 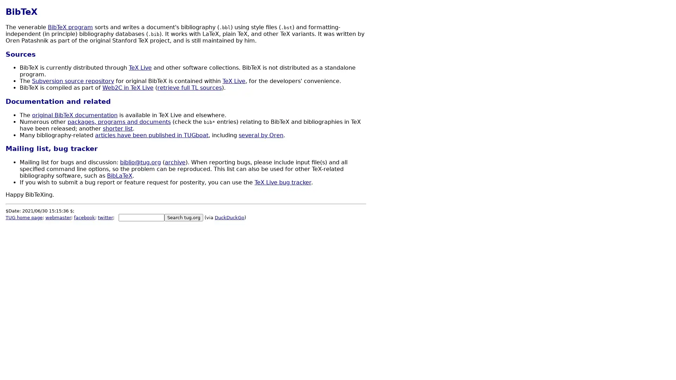 What do you see at coordinates (184, 217) in the screenshot?
I see `Search tug.org` at bounding box center [184, 217].